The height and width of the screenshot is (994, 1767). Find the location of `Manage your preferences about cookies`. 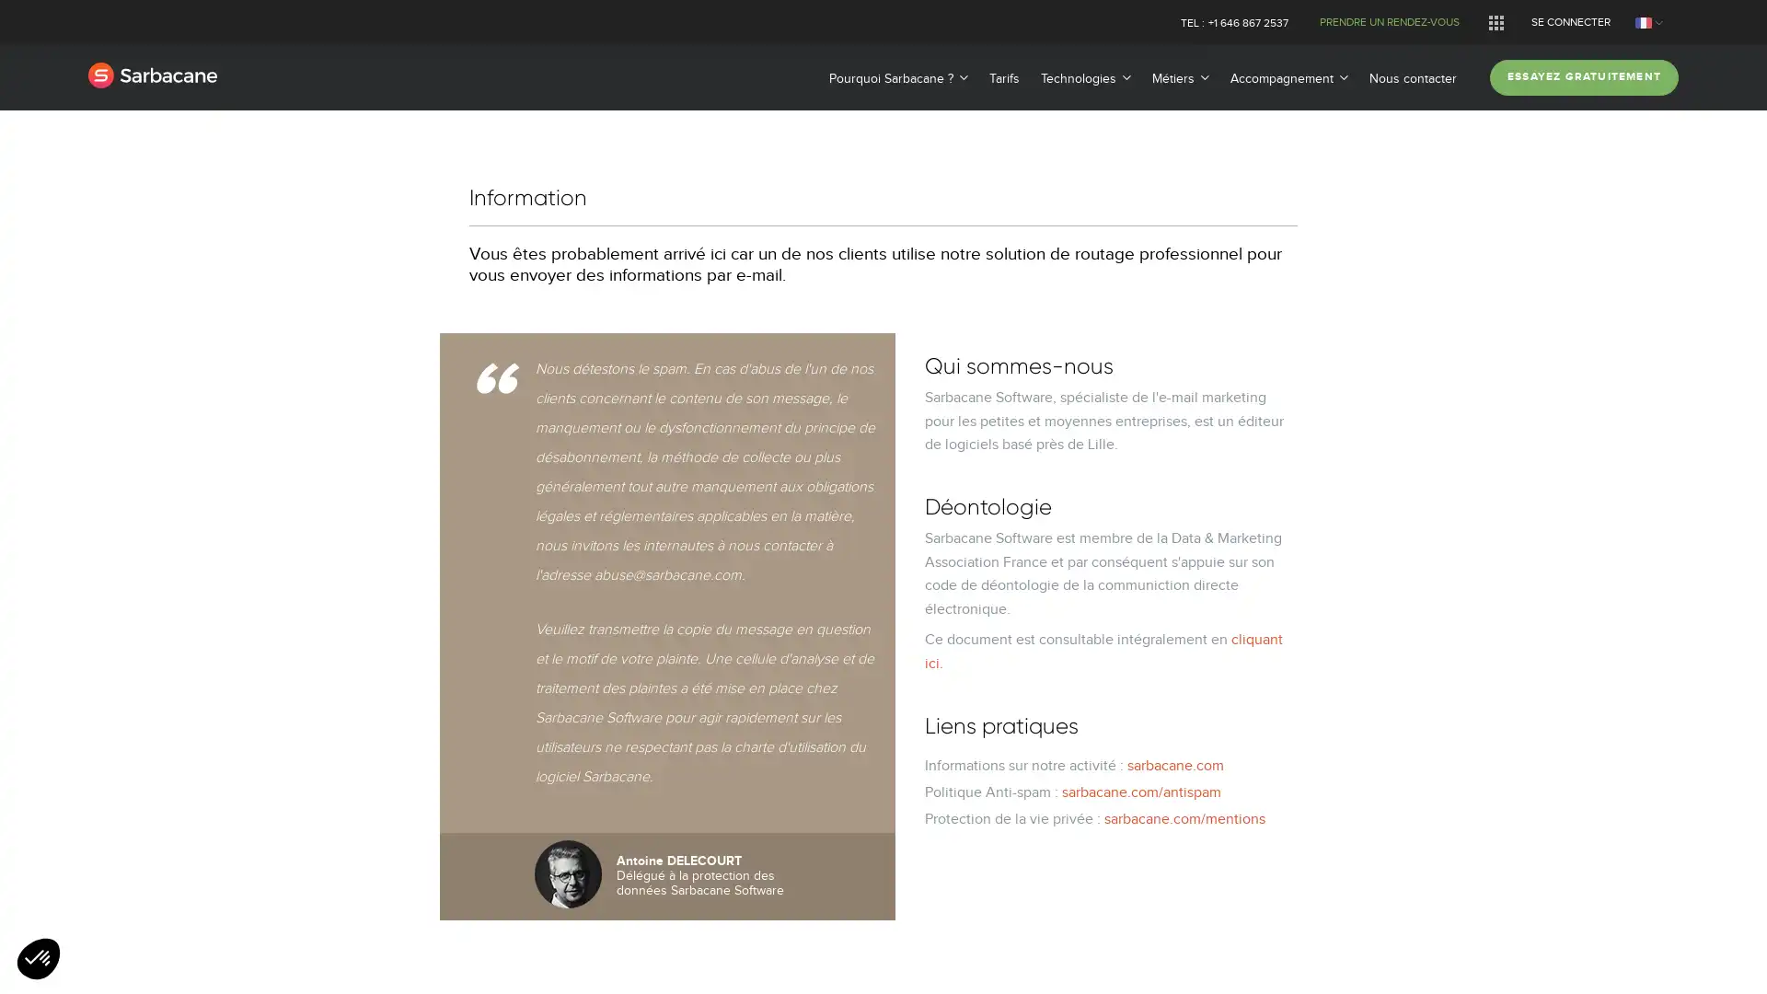

Manage your preferences about cookies is located at coordinates (39, 959).